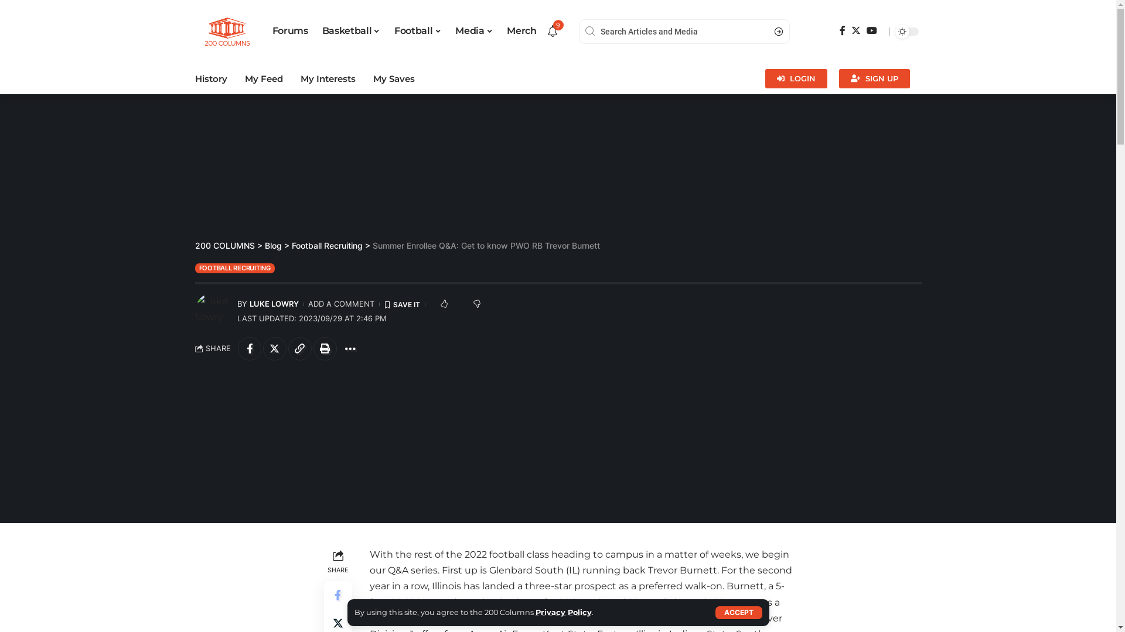 This screenshot has height=632, width=1125. What do you see at coordinates (263, 79) in the screenshot?
I see `'My Feed'` at bounding box center [263, 79].